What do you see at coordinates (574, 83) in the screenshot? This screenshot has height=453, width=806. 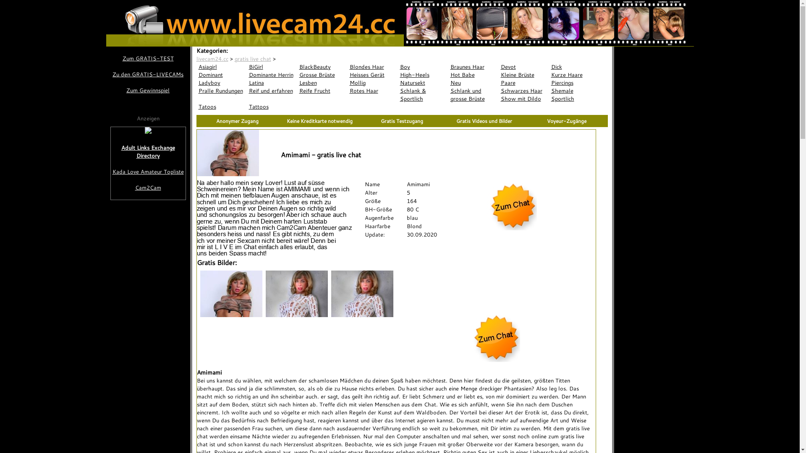 I see `'Piercings'` at bounding box center [574, 83].